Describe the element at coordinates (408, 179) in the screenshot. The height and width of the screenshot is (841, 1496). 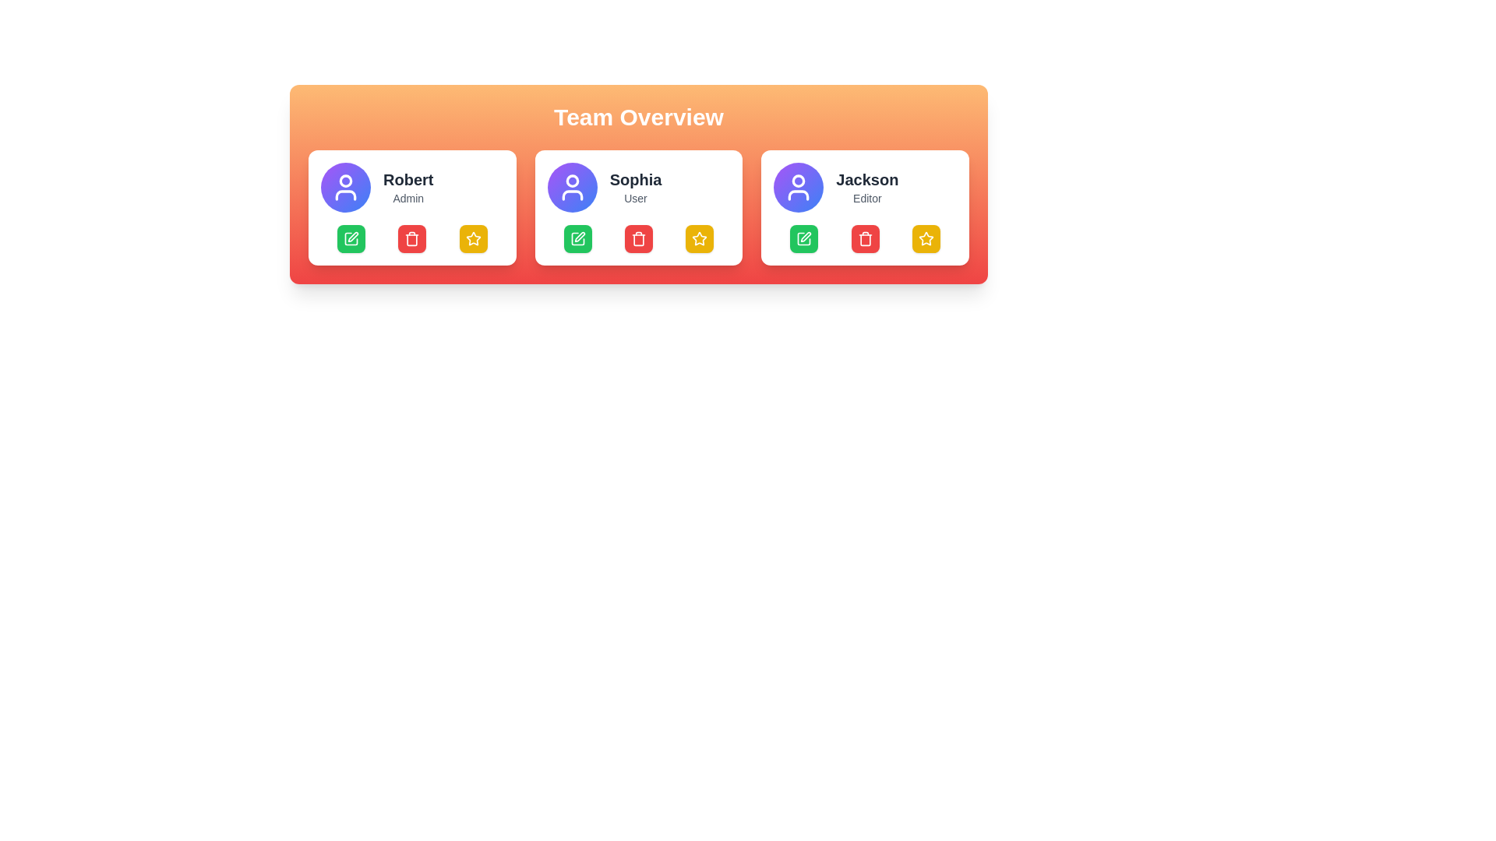
I see `the Text Display element that serves as the primary identifier of the individual represented by the user card, located in the top section of the first card in the 'Team Overview' section` at that location.